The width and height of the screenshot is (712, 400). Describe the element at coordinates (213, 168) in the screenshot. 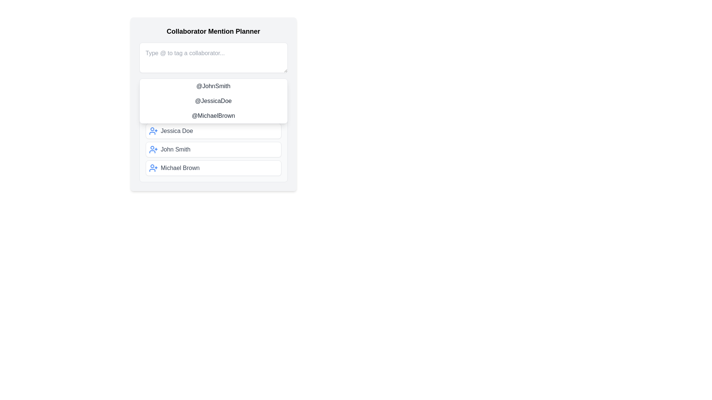

I see `the third list item labeled 'Michael Brown' in the collaborator mention planner interface` at that location.